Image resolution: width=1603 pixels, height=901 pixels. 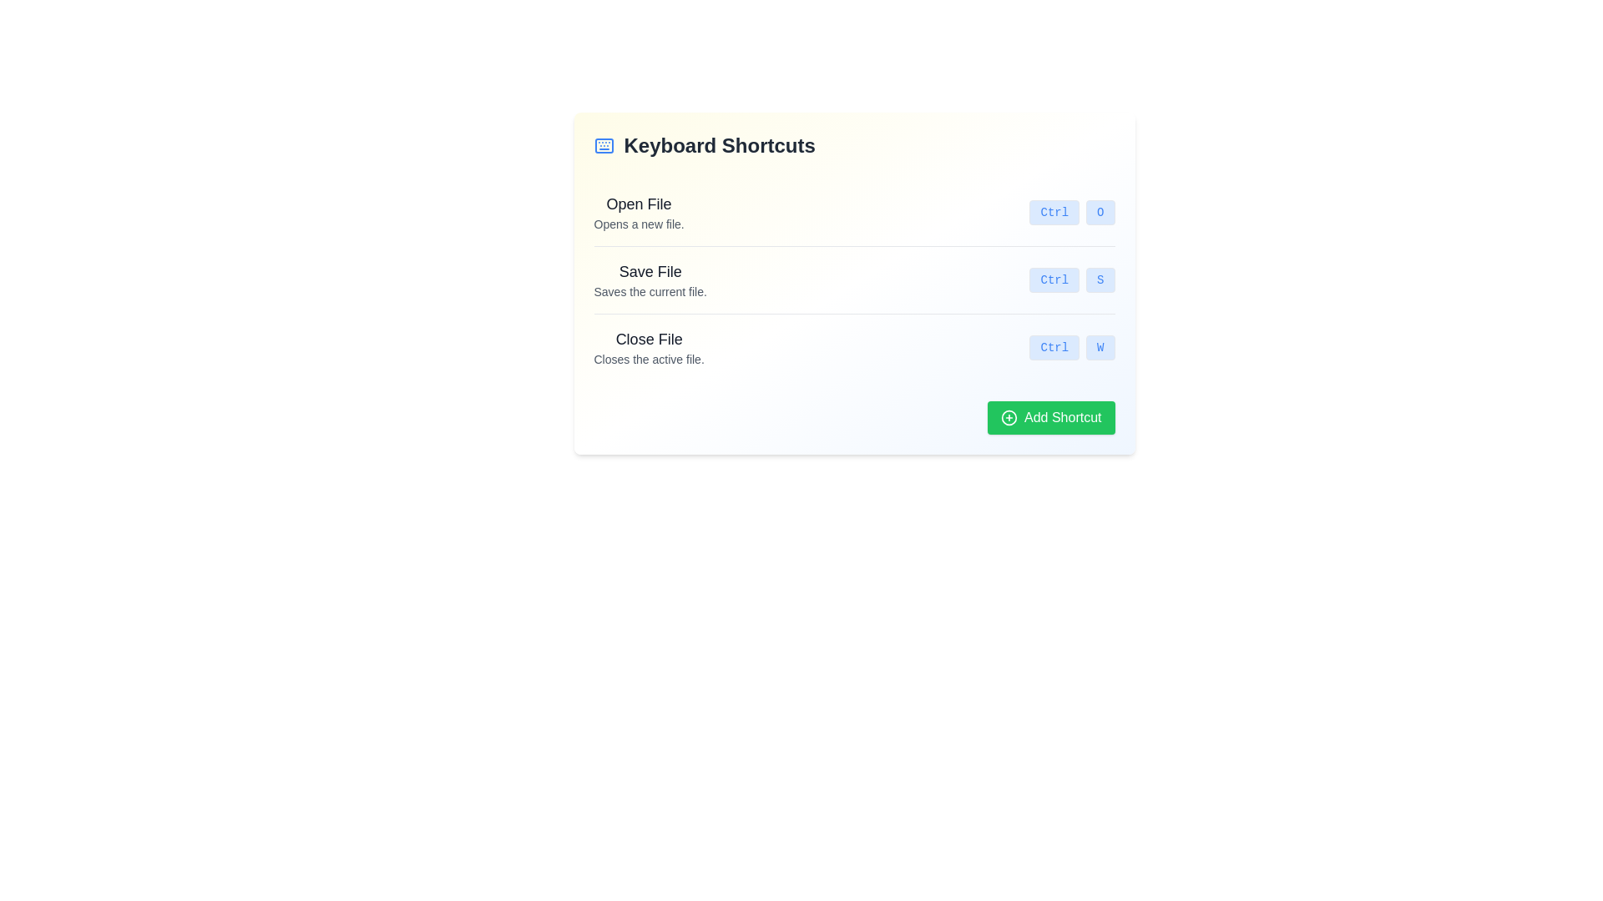 I want to click on the header element labeled 'Save File' which includes a description stating 'Saves the current file.' positioned below 'Open File' in the keyboard shortcuts list, so click(x=650, y=279).